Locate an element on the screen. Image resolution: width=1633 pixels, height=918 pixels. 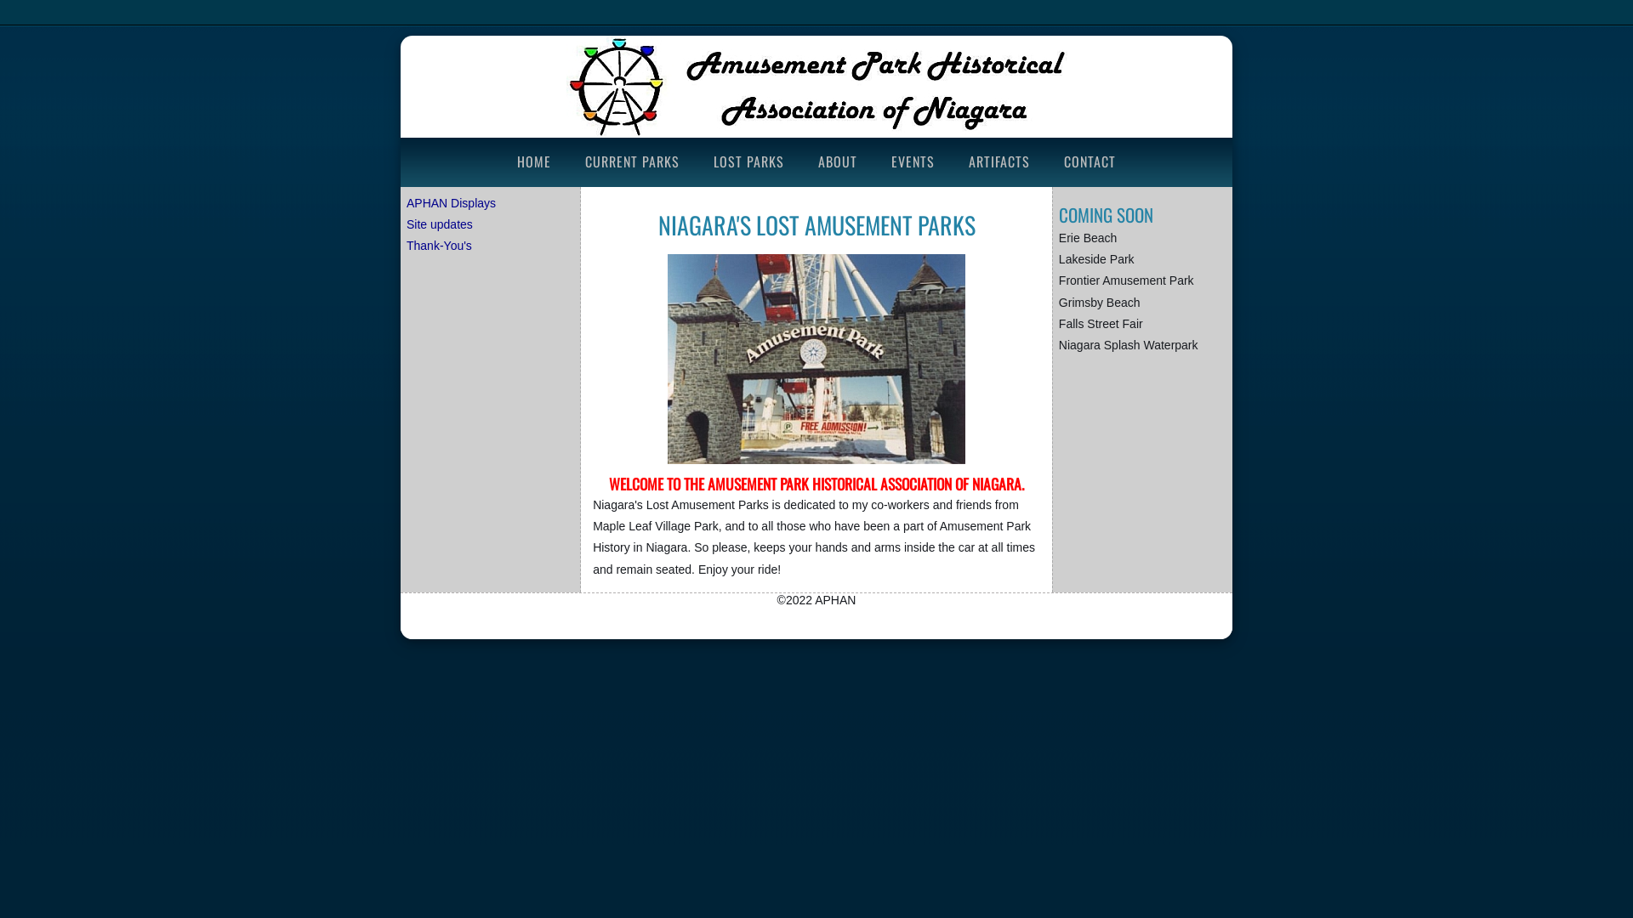
'CONTACT' is located at coordinates (1090, 161).